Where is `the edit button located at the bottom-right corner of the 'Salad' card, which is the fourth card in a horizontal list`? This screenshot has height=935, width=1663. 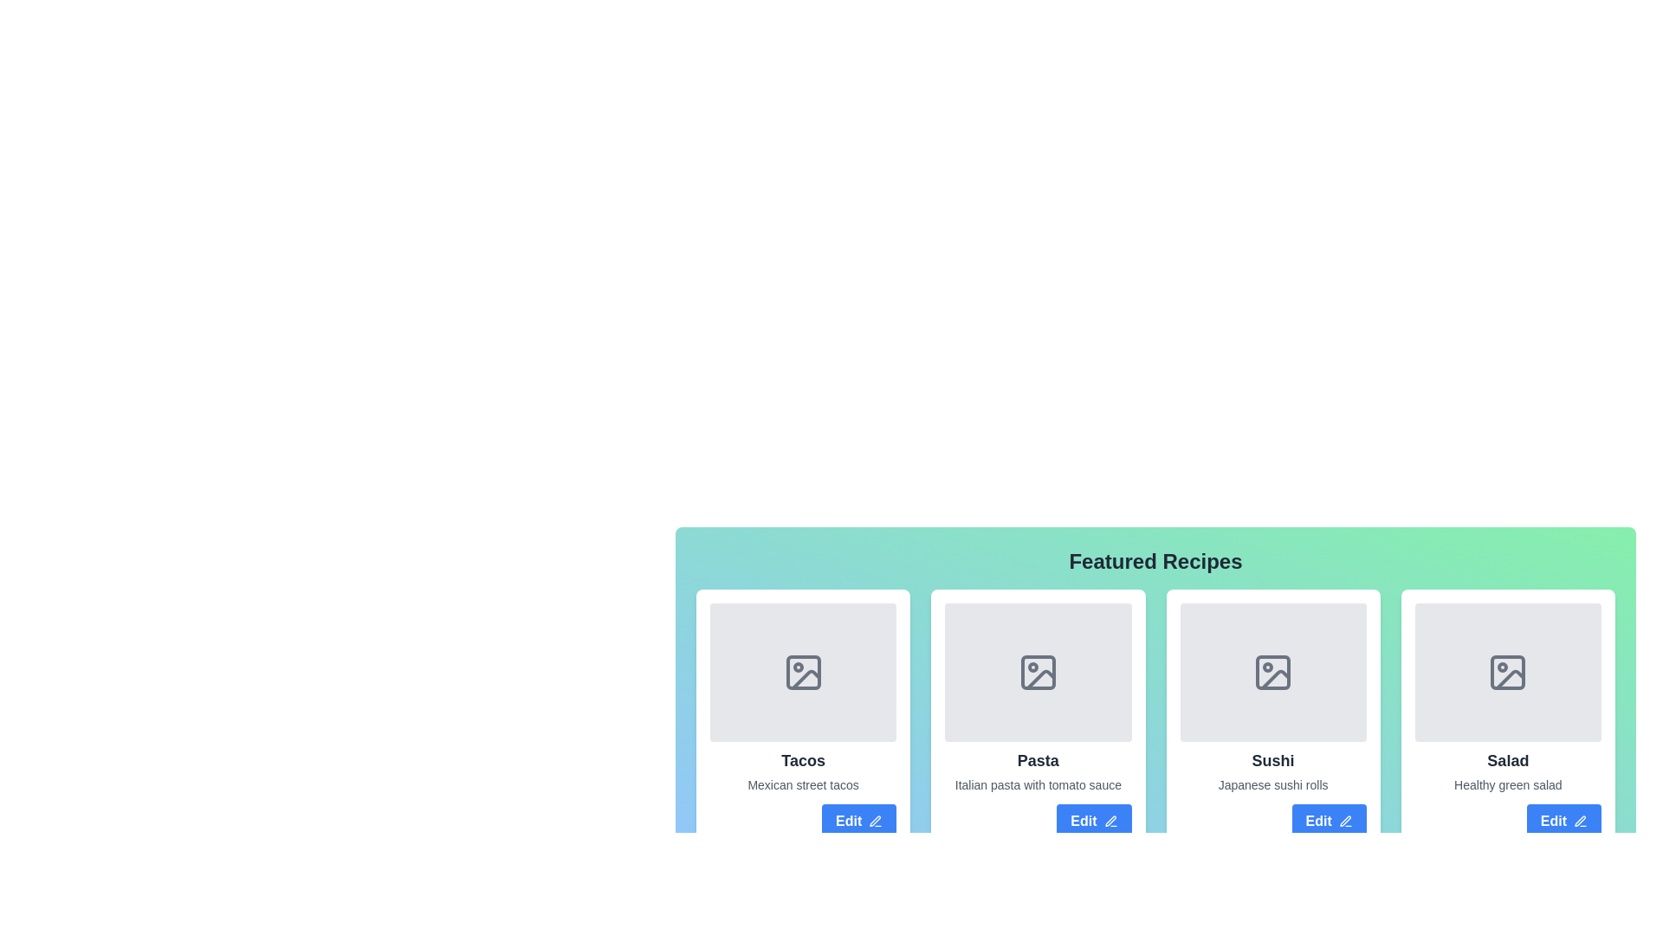
the edit button located at the bottom-right corner of the 'Salad' card, which is the fourth card in a horizontal list is located at coordinates (1507, 820).